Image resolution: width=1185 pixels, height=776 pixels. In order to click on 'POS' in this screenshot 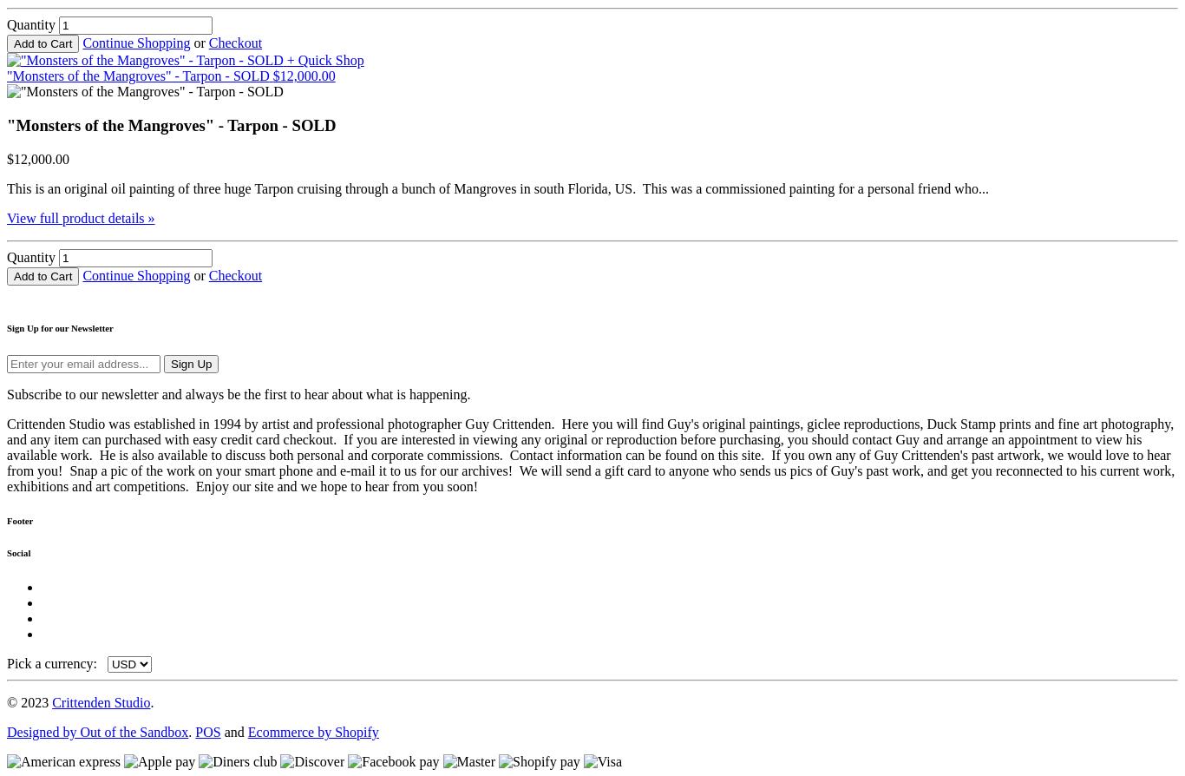, I will do `click(207, 731)`.